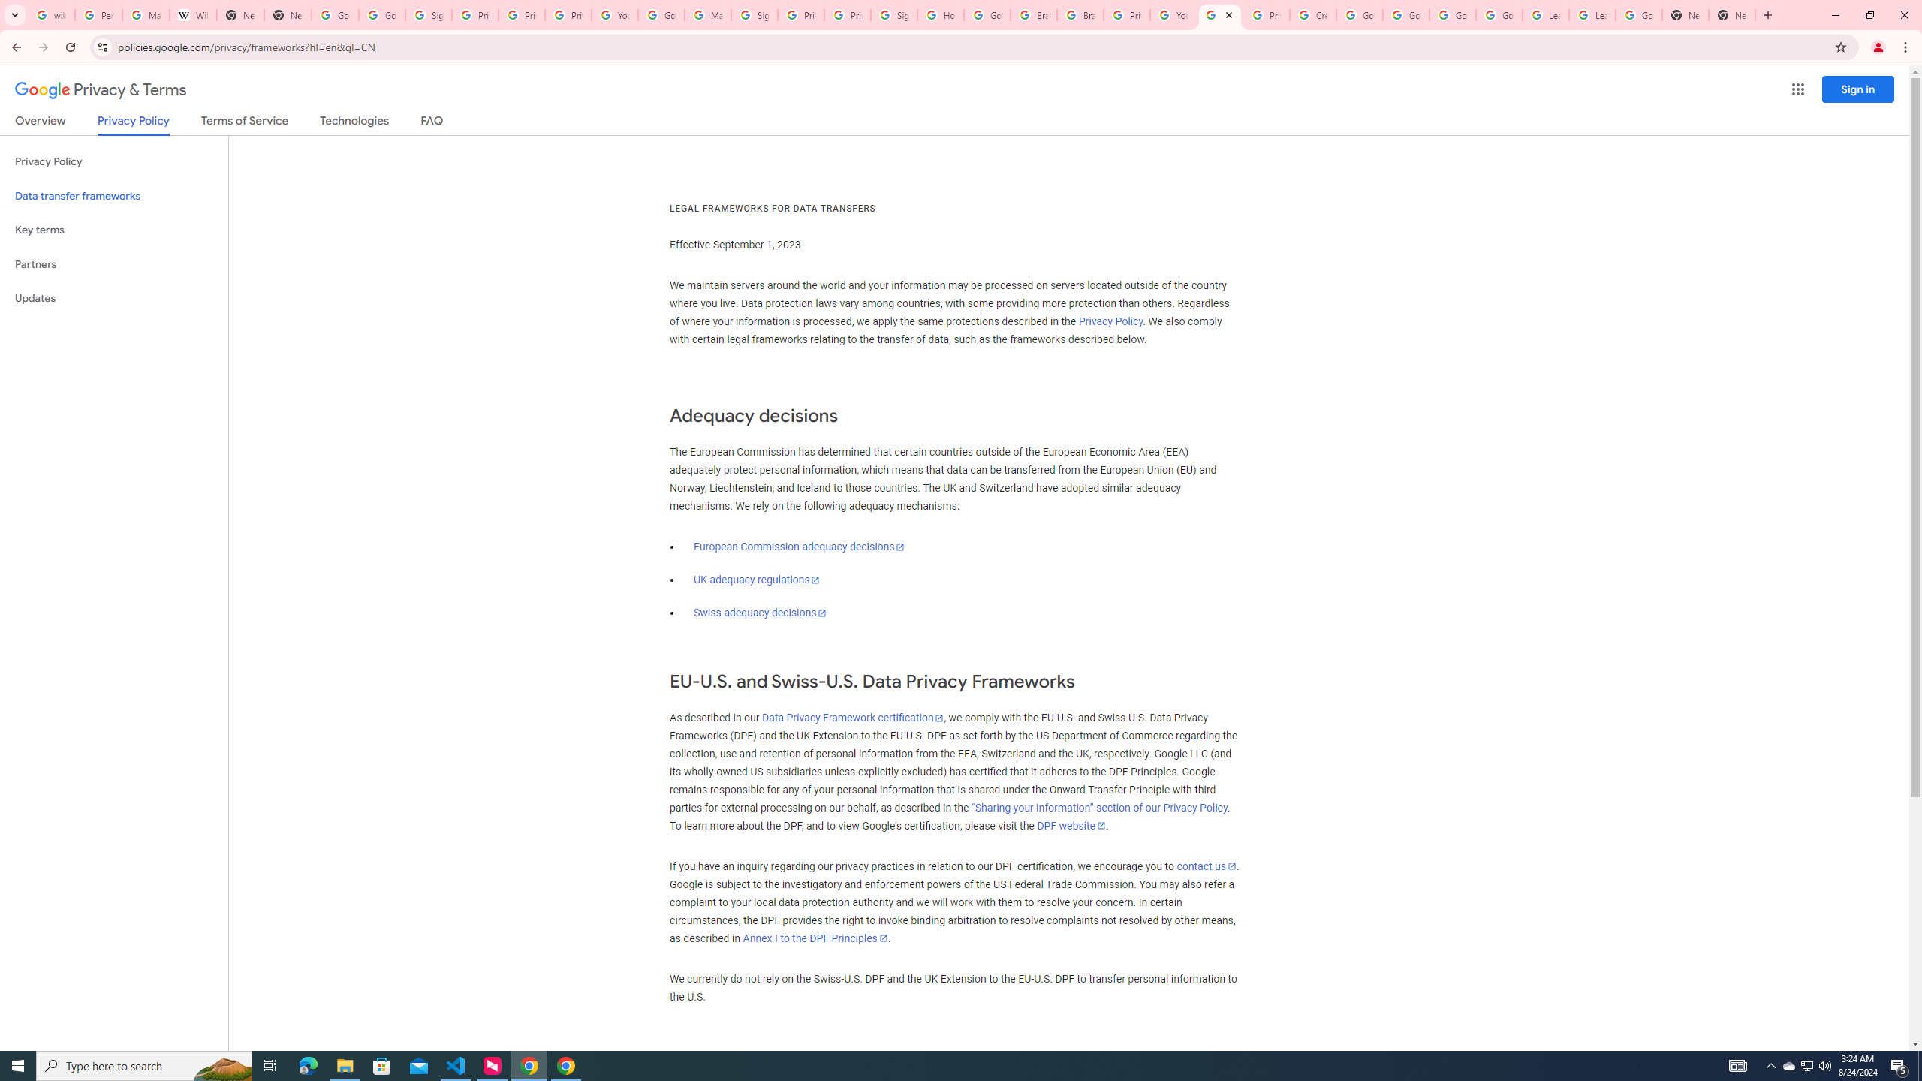  What do you see at coordinates (192, 14) in the screenshot?
I see `'Wikipedia:Edit requests - Wikipedia'` at bounding box center [192, 14].